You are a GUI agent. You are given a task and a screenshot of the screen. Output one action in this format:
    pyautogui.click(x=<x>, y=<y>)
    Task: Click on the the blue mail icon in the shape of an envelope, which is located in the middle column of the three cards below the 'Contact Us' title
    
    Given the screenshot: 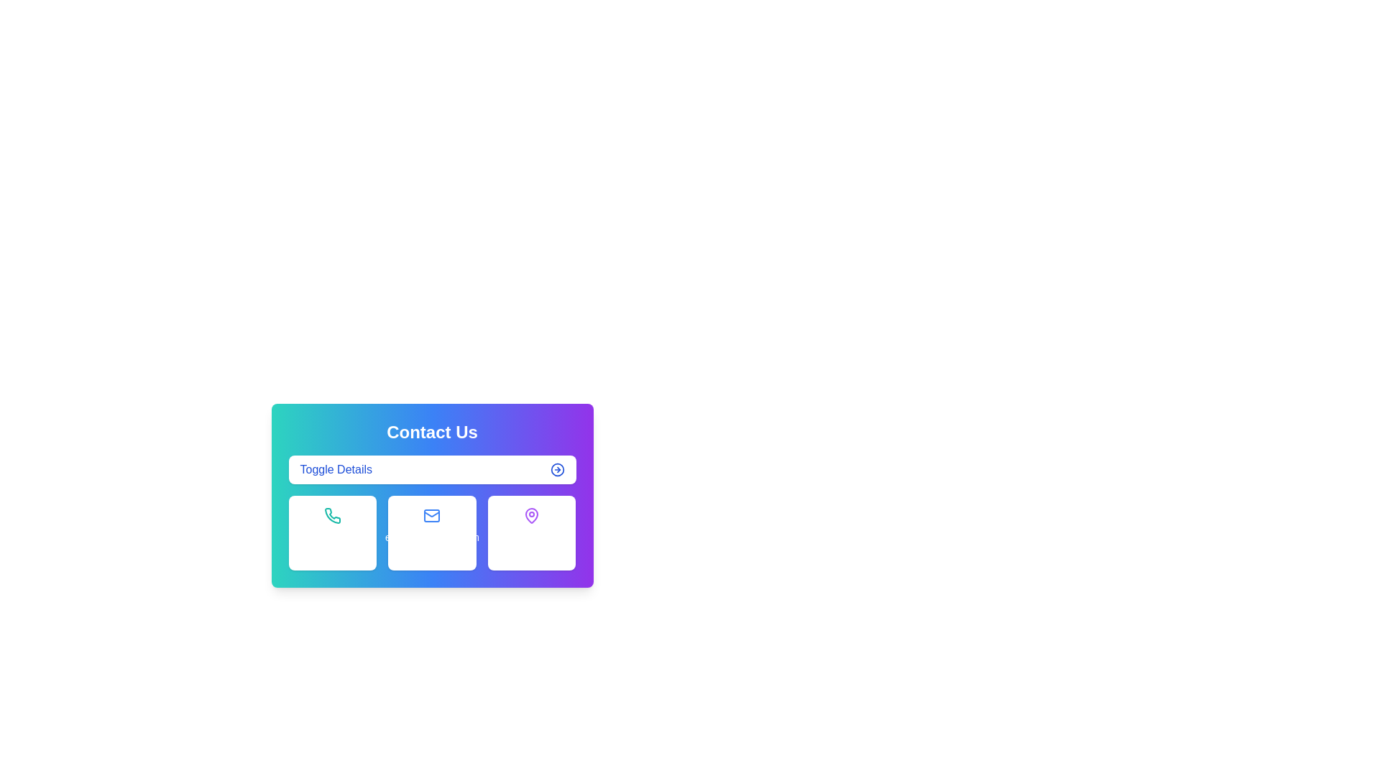 What is the action you would take?
    pyautogui.click(x=431, y=514)
    